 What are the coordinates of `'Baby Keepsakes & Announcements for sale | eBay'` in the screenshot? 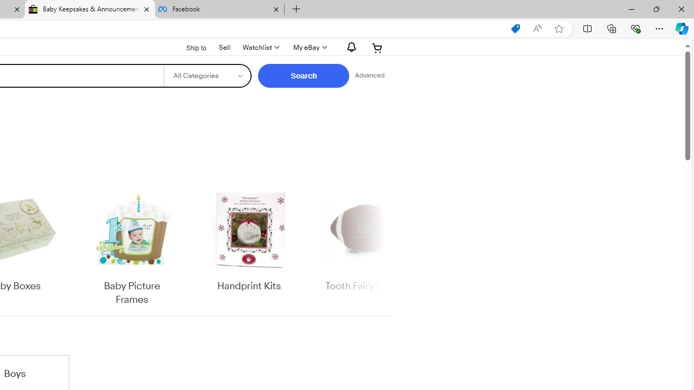 It's located at (90, 9).